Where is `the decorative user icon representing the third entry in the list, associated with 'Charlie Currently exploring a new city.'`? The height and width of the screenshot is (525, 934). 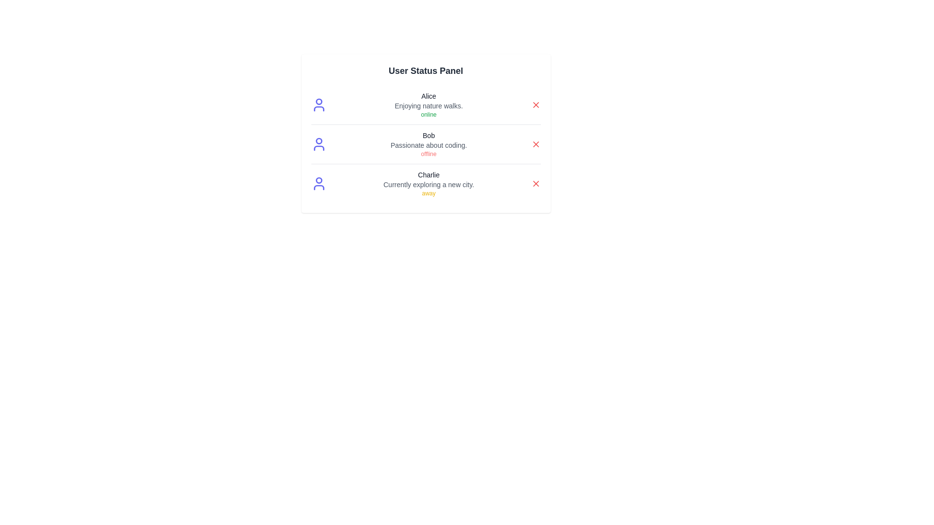 the decorative user icon representing the third entry in the list, associated with 'Charlie Currently exploring a new city.' is located at coordinates (319, 187).